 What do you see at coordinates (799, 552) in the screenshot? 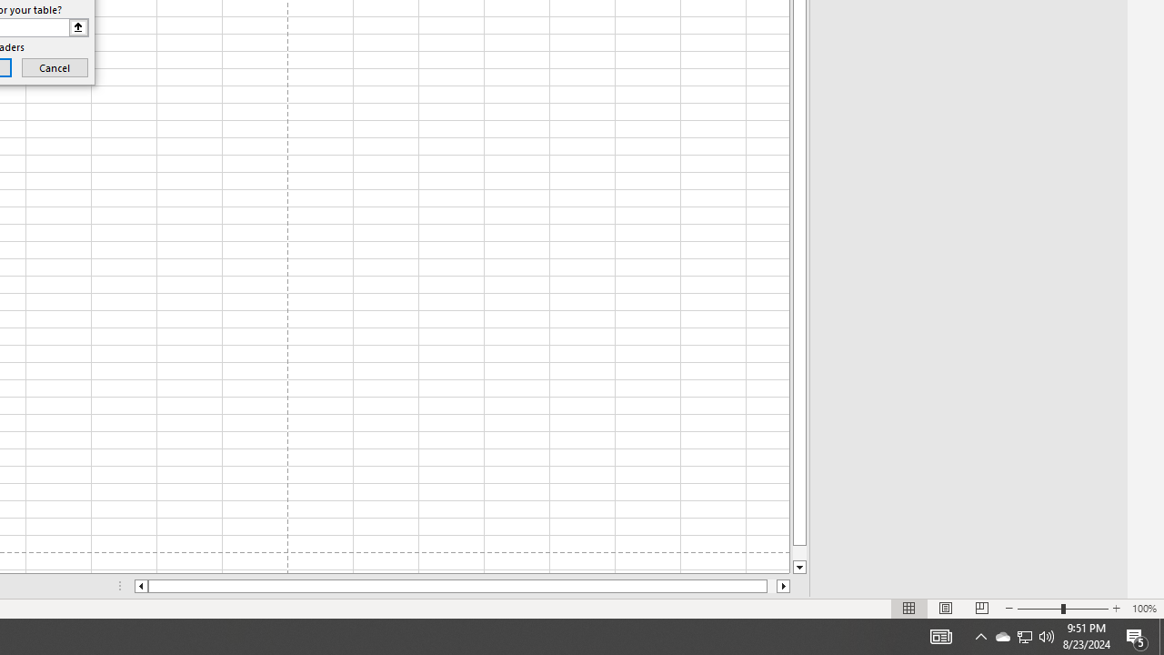
I see `'Page down'` at bounding box center [799, 552].